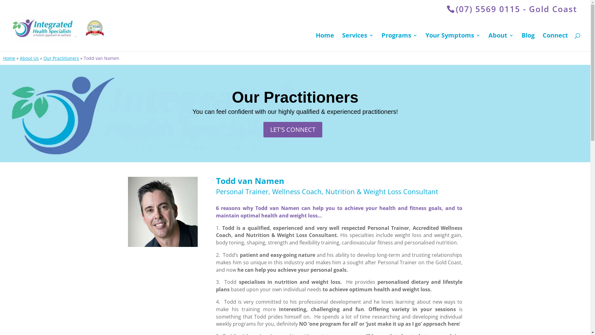  What do you see at coordinates (501, 42) in the screenshot?
I see `'About'` at bounding box center [501, 42].